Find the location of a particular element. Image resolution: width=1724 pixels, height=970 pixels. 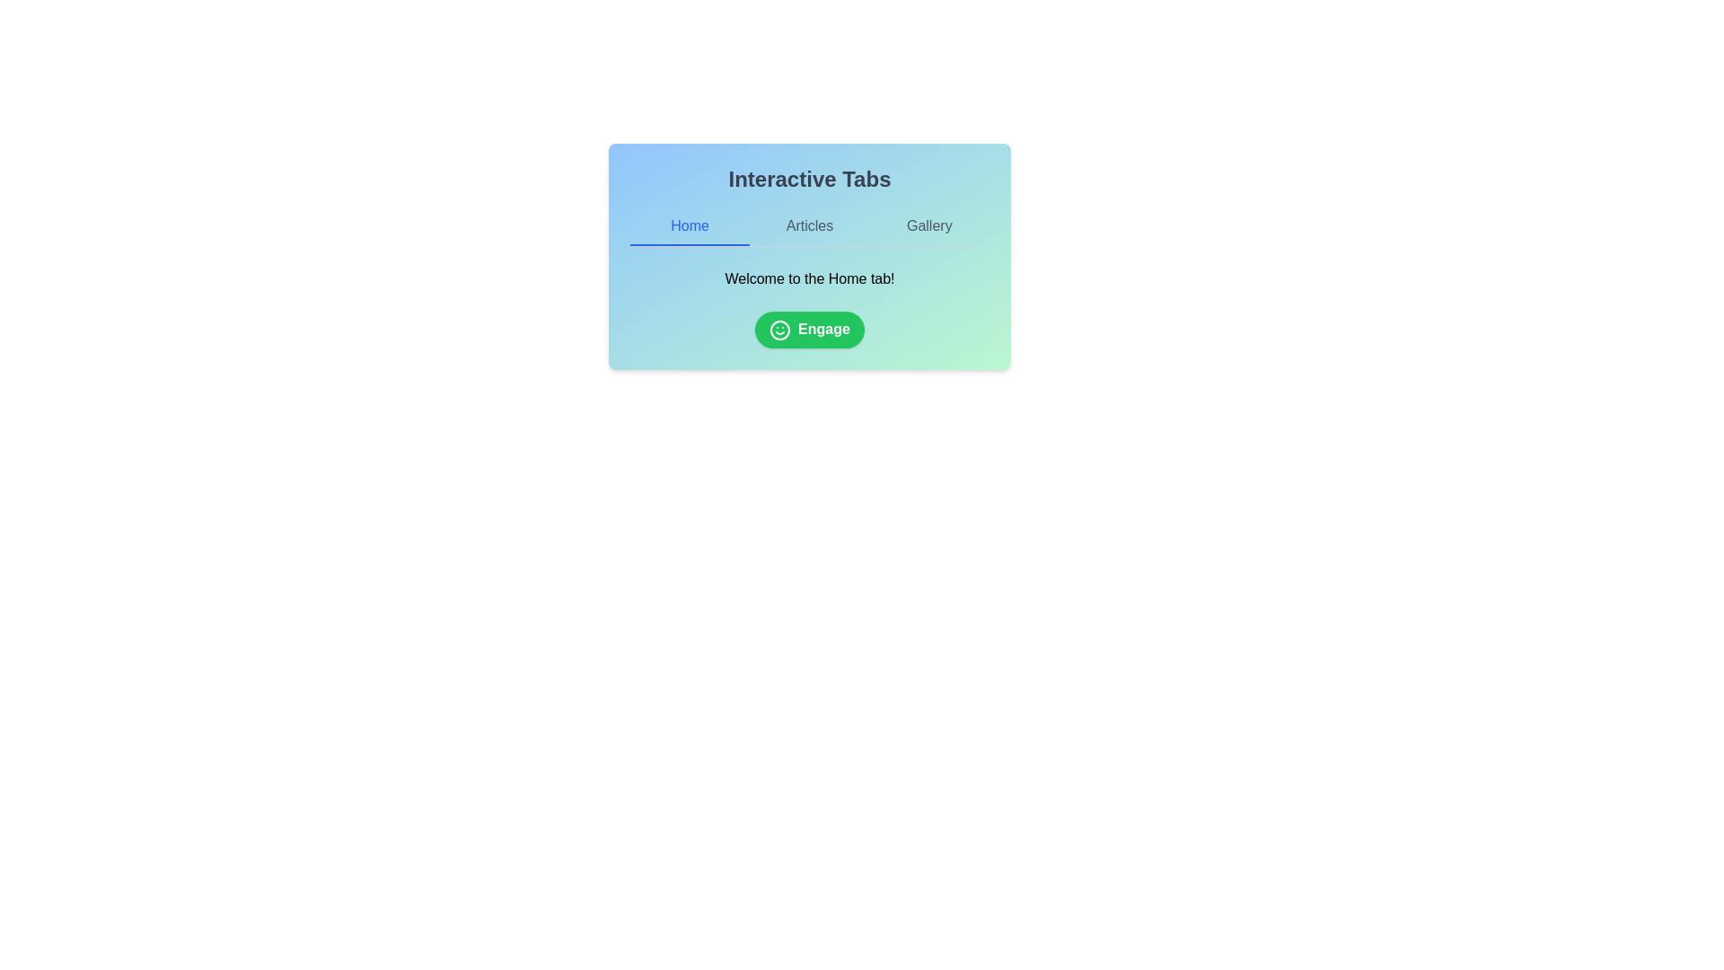

the 'Home' navigation tab in the navigation bar to potentially reveal visual changes is located at coordinates (689, 226).